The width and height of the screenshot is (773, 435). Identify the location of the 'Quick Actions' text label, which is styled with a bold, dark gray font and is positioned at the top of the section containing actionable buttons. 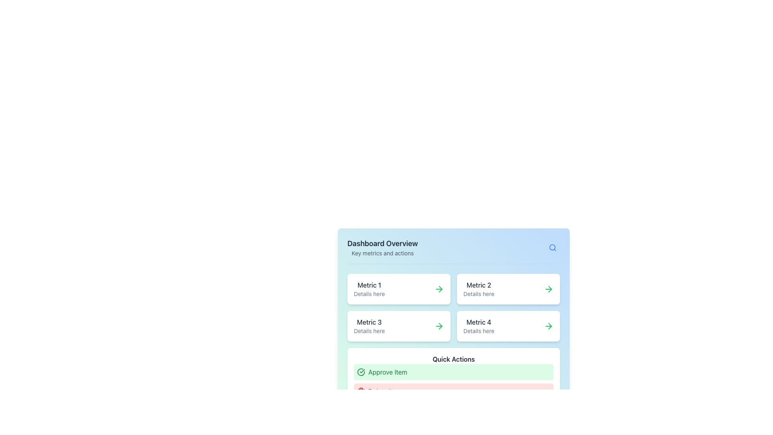
(454, 358).